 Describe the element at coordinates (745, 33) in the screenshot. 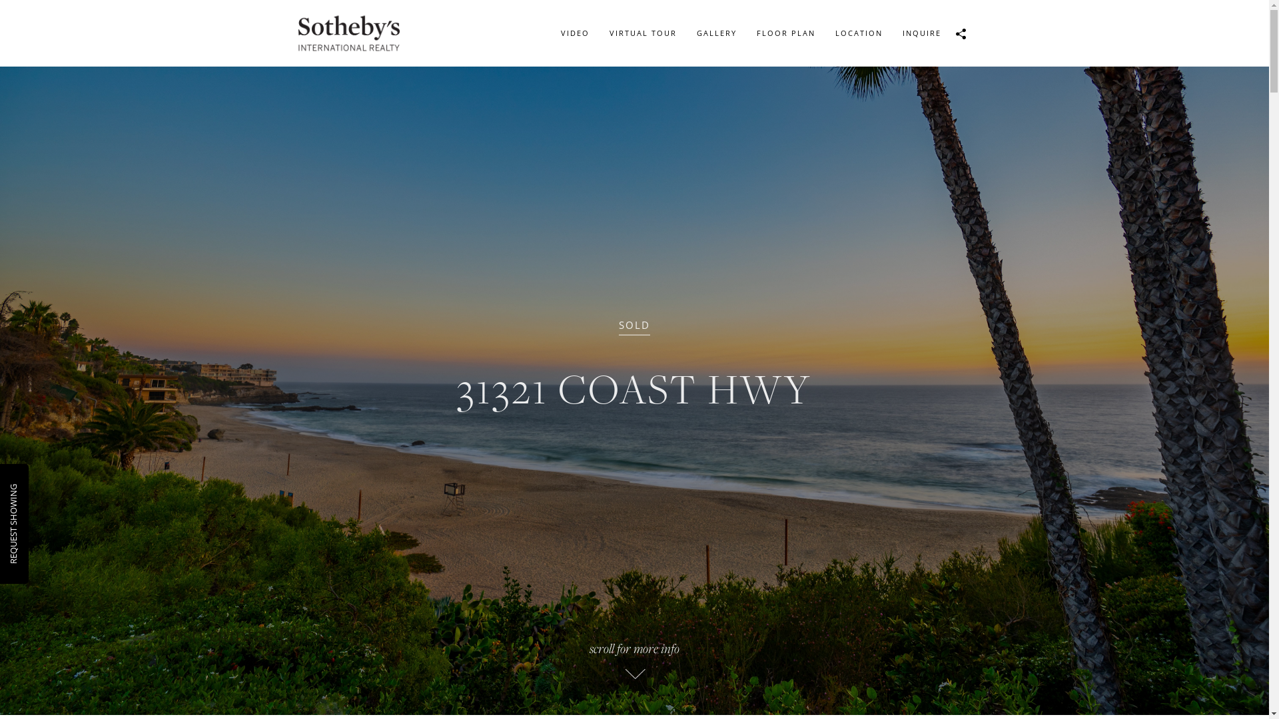

I see `'FLOOR PLAN'` at that location.